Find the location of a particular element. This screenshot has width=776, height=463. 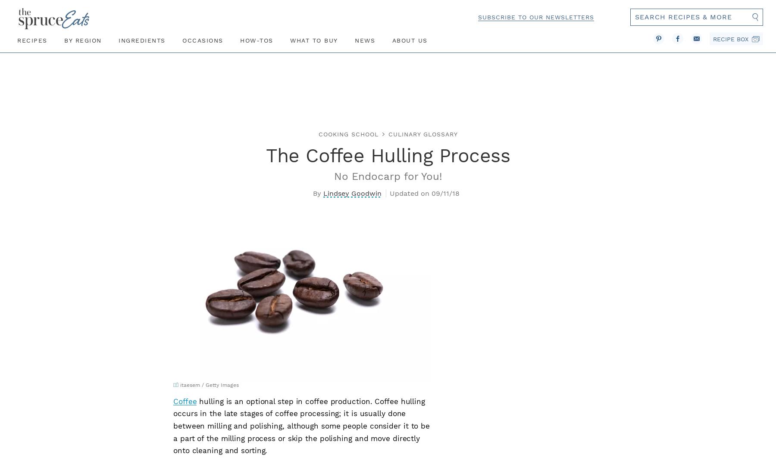

'Updated on 09/11/18' is located at coordinates (424, 193).